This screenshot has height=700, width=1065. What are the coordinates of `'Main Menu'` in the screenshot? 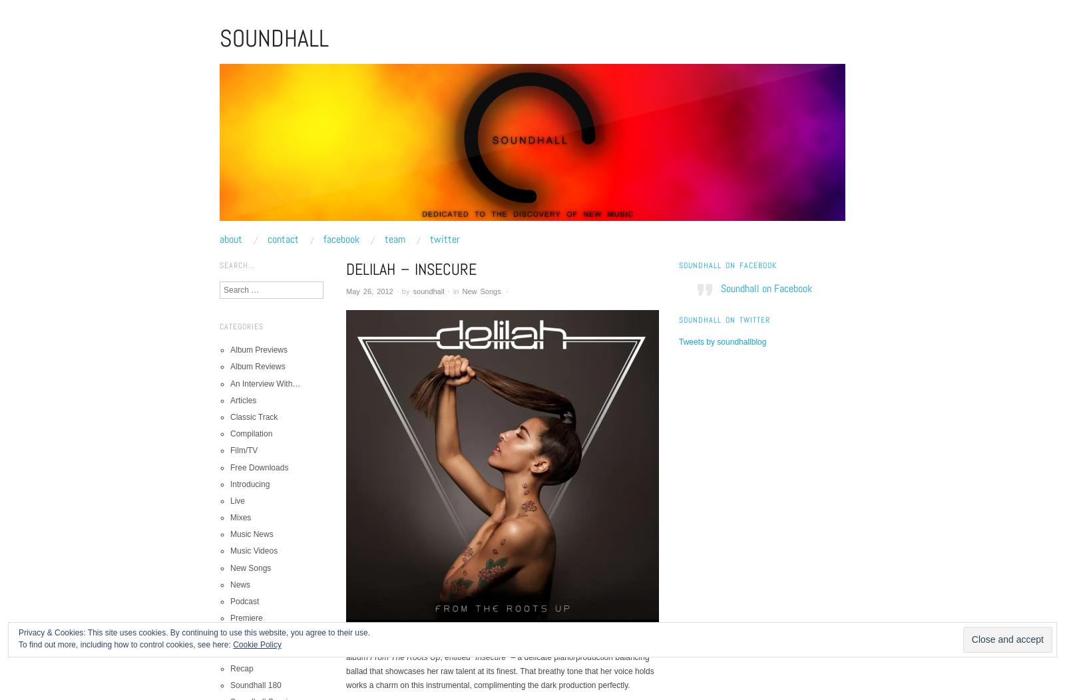 It's located at (219, 250).